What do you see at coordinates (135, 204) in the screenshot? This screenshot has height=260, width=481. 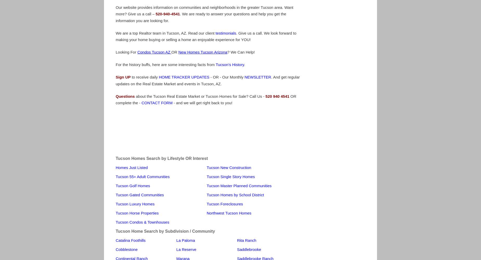 I see `'Tucson Luxury Homes'` at bounding box center [135, 204].